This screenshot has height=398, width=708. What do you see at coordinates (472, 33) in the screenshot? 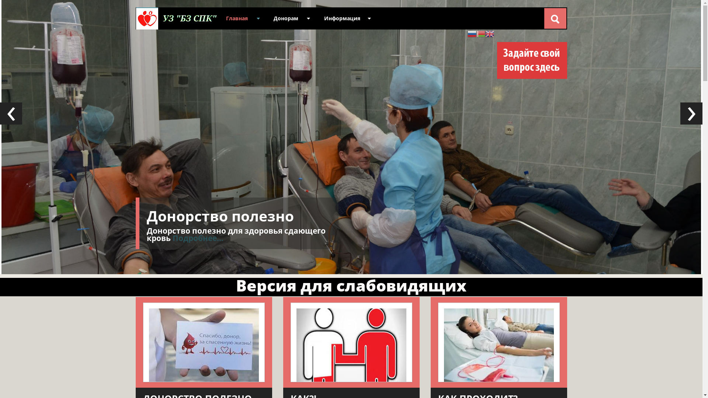
I see `'Russian'` at bounding box center [472, 33].